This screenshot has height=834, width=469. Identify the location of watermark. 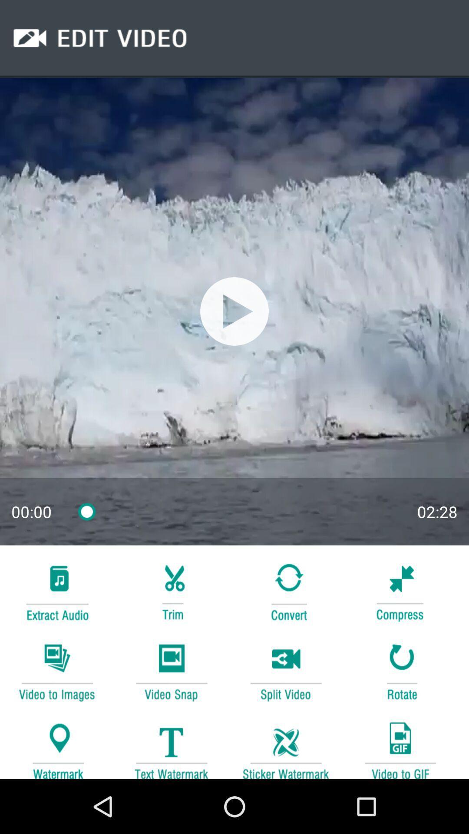
(57, 746).